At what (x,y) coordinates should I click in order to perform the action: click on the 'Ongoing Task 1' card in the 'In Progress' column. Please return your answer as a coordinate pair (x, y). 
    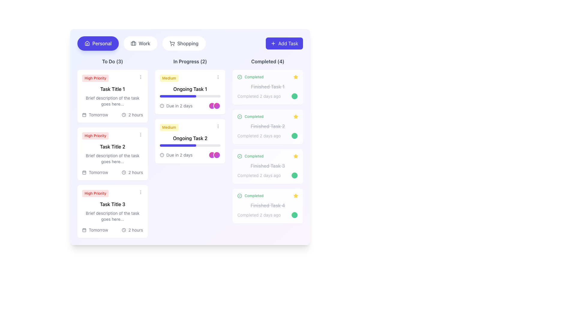
    Looking at the image, I should click on (190, 92).